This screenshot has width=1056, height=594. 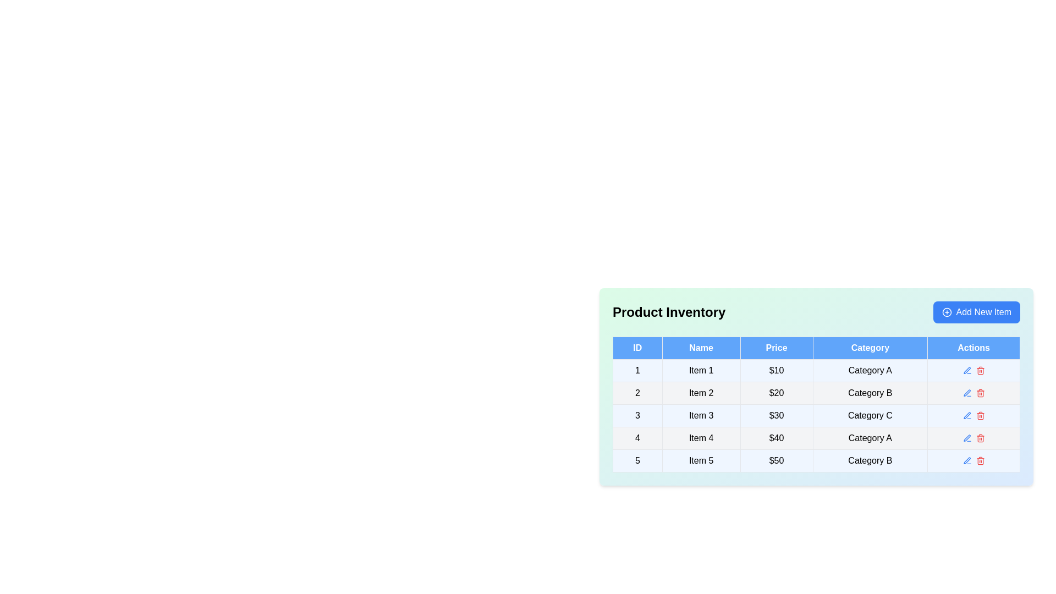 I want to click on the second table row containing item ID '2', item name 'Item 2', price '$20', category 'Category B', and action icons for editing and deleting, so click(x=816, y=392).